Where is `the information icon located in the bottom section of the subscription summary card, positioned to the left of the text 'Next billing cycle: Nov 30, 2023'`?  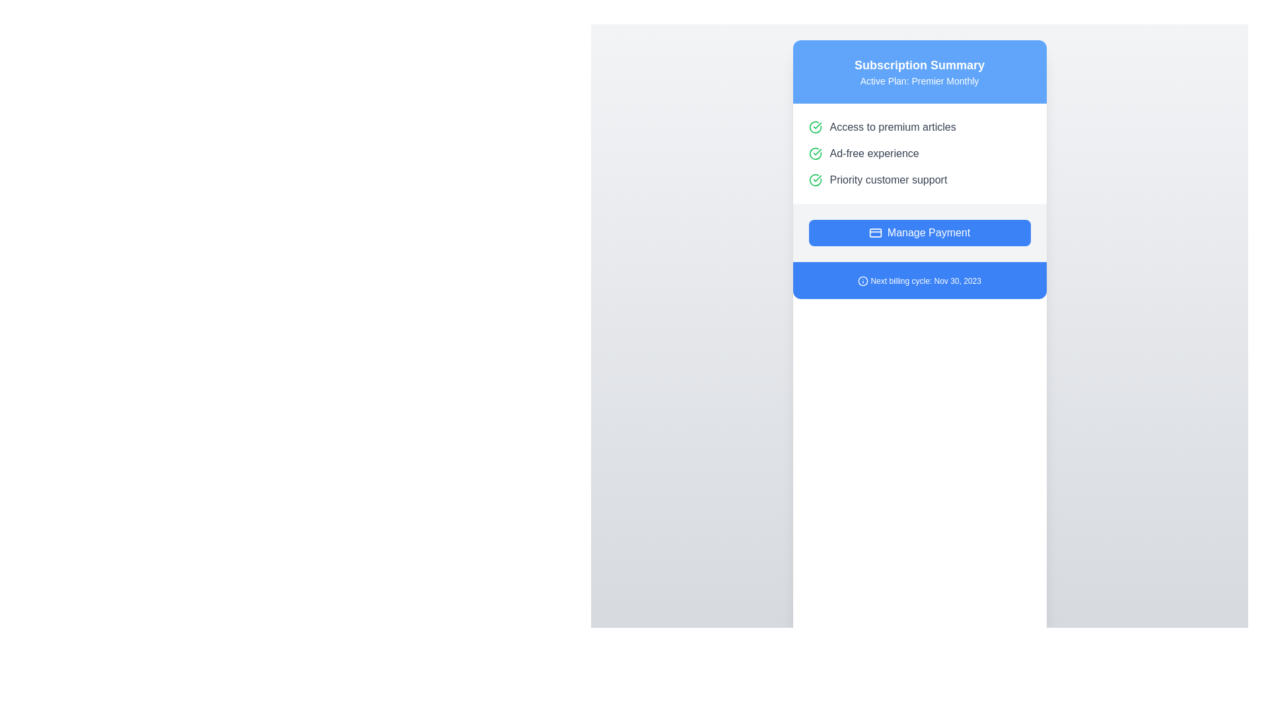 the information icon located in the bottom section of the subscription summary card, positioned to the left of the text 'Next billing cycle: Nov 30, 2023' is located at coordinates (863, 280).